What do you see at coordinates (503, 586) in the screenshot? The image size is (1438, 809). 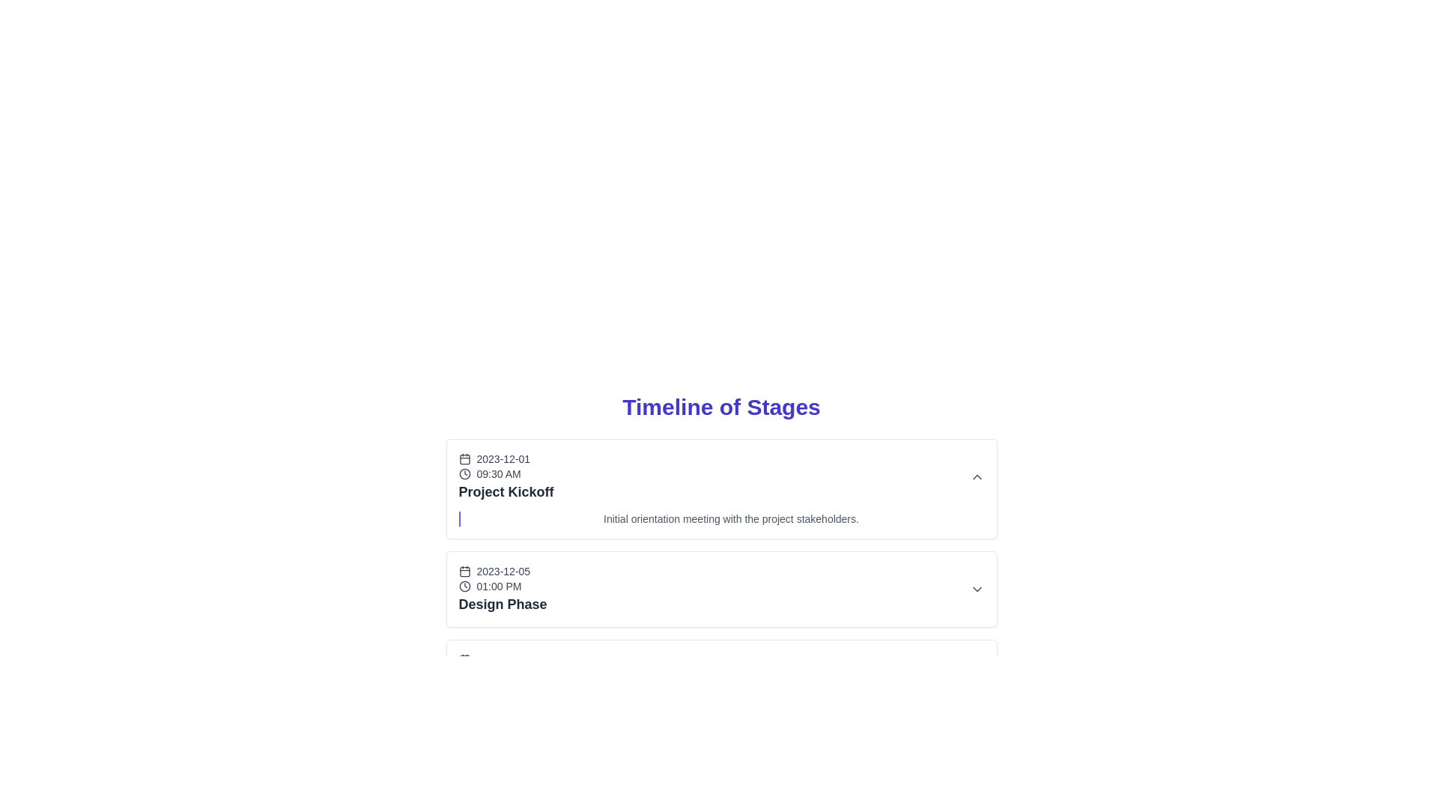 I see `the Text display indicating the time for the 'Design Phase' stage in the timeline, located beneath '2023-12-05' and to the right of the clock icon` at bounding box center [503, 586].